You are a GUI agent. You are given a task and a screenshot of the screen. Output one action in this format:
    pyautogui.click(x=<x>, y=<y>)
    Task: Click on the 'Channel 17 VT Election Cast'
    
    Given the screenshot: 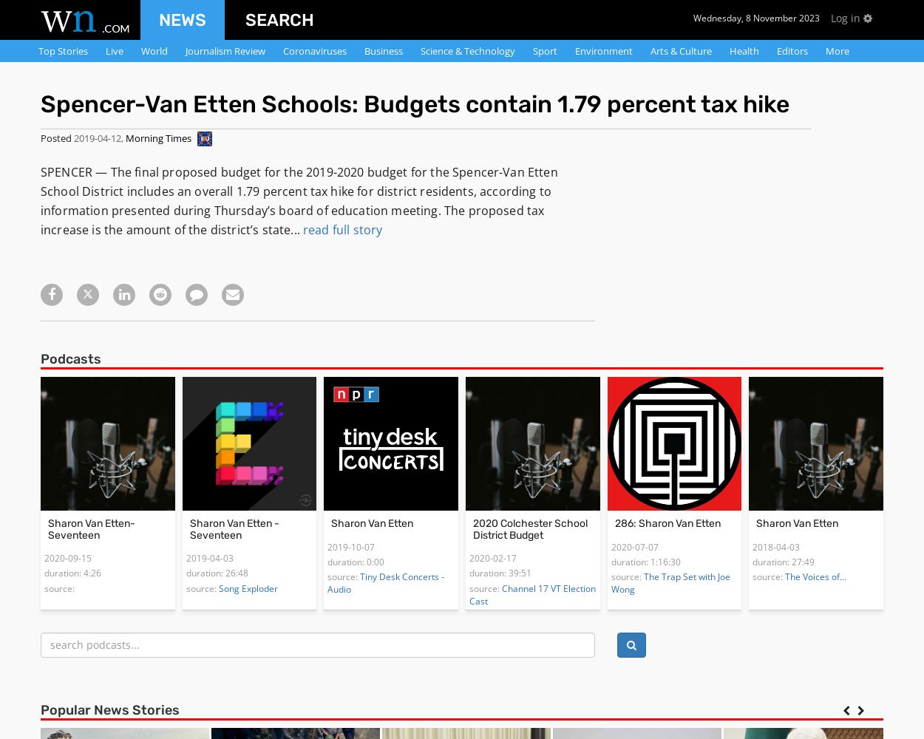 What is the action you would take?
    pyautogui.click(x=531, y=594)
    